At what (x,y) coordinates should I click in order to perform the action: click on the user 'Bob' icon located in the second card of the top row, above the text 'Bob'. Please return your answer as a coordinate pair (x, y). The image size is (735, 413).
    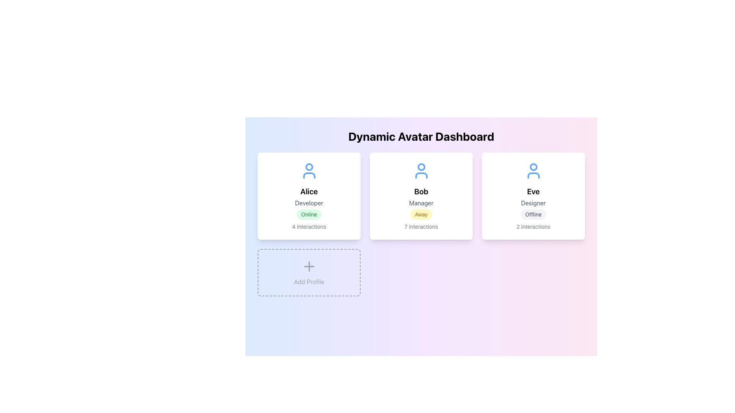
    Looking at the image, I should click on (421, 171).